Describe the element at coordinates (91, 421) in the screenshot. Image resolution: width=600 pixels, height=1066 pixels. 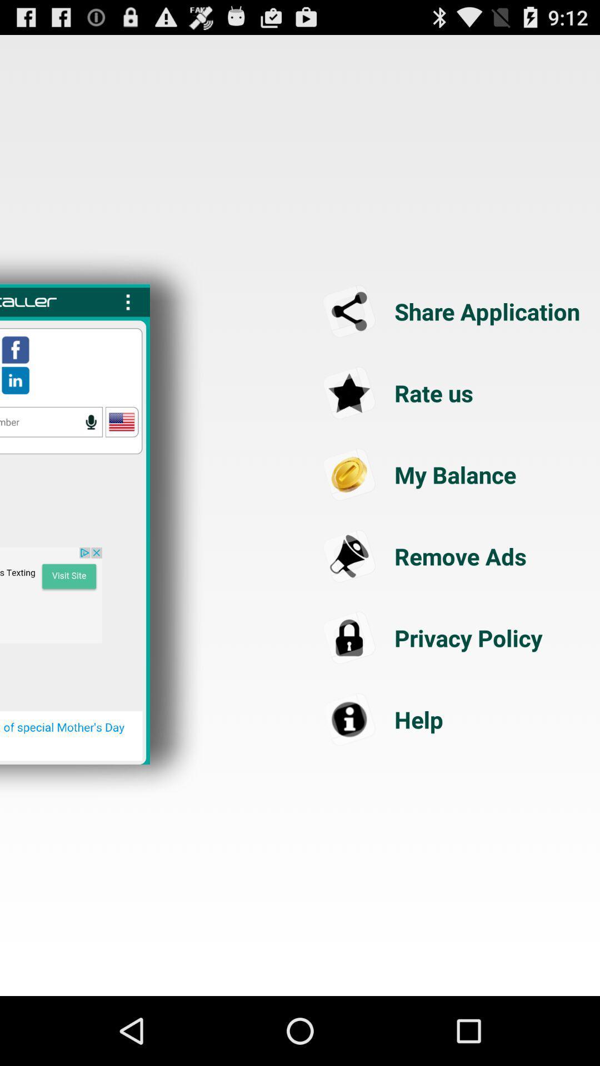
I see `engage microphone` at that location.